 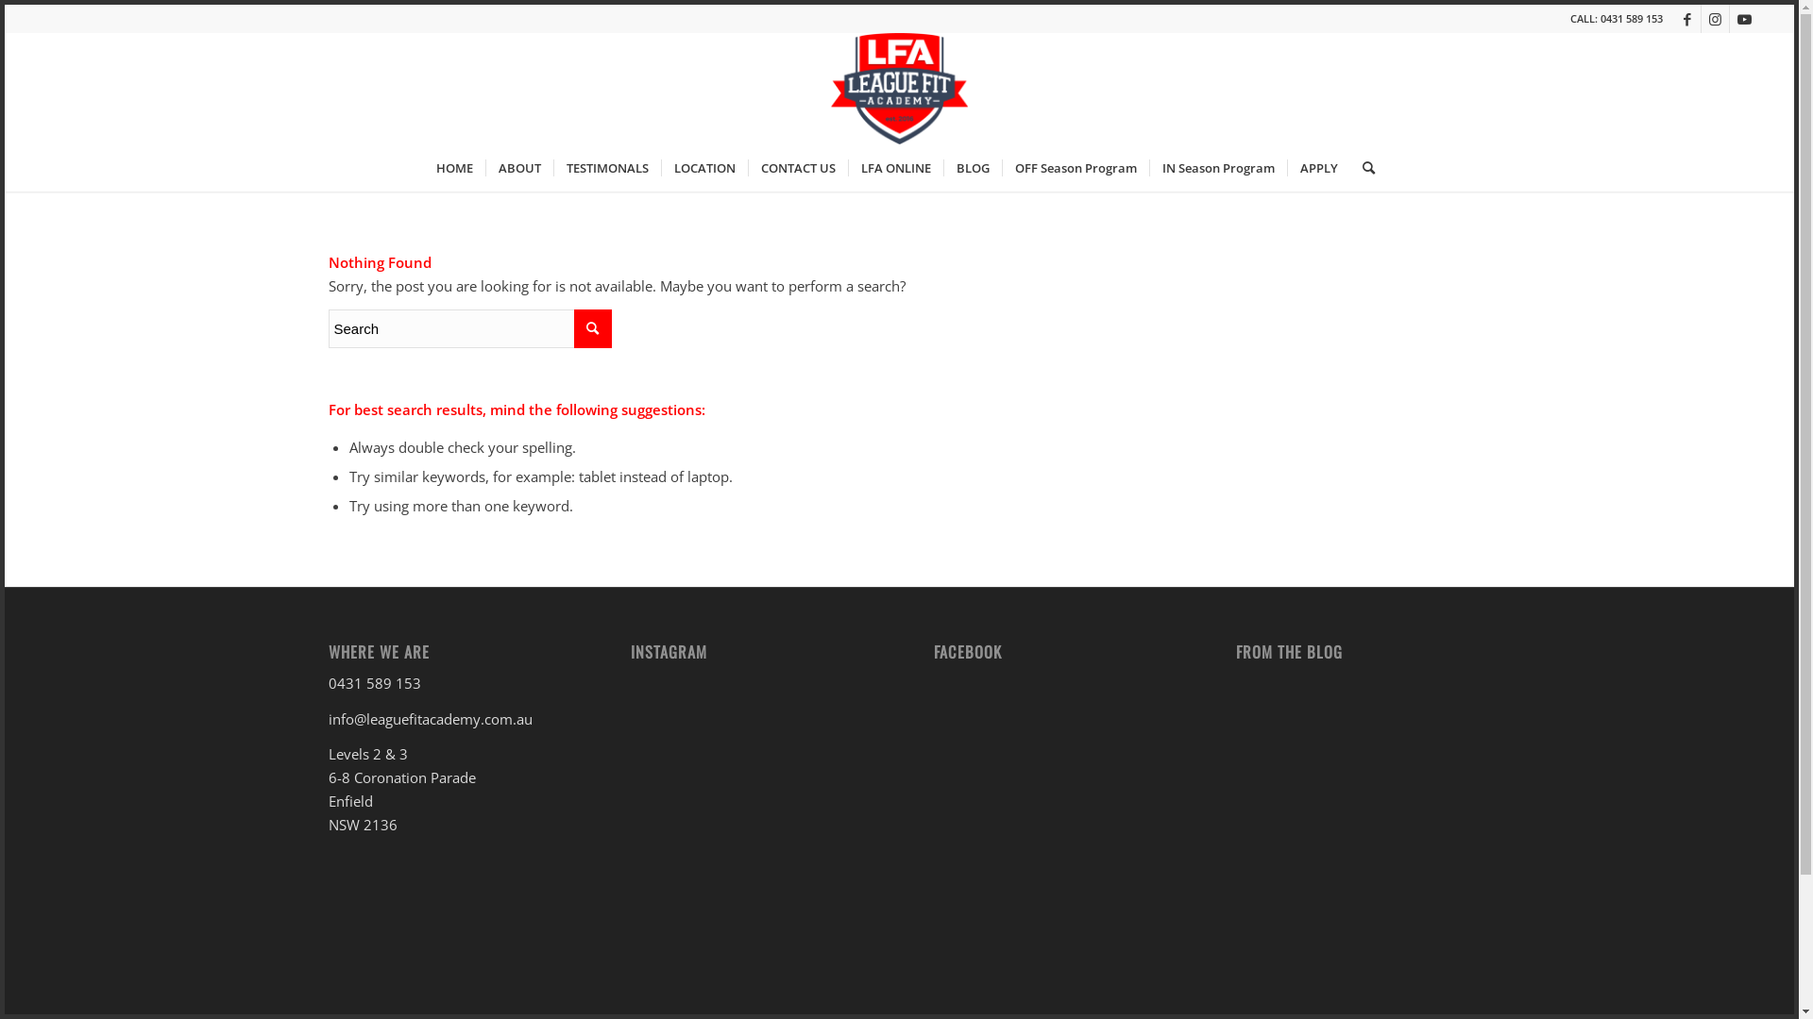 What do you see at coordinates (942, 166) in the screenshot?
I see `'BLOG'` at bounding box center [942, 166].